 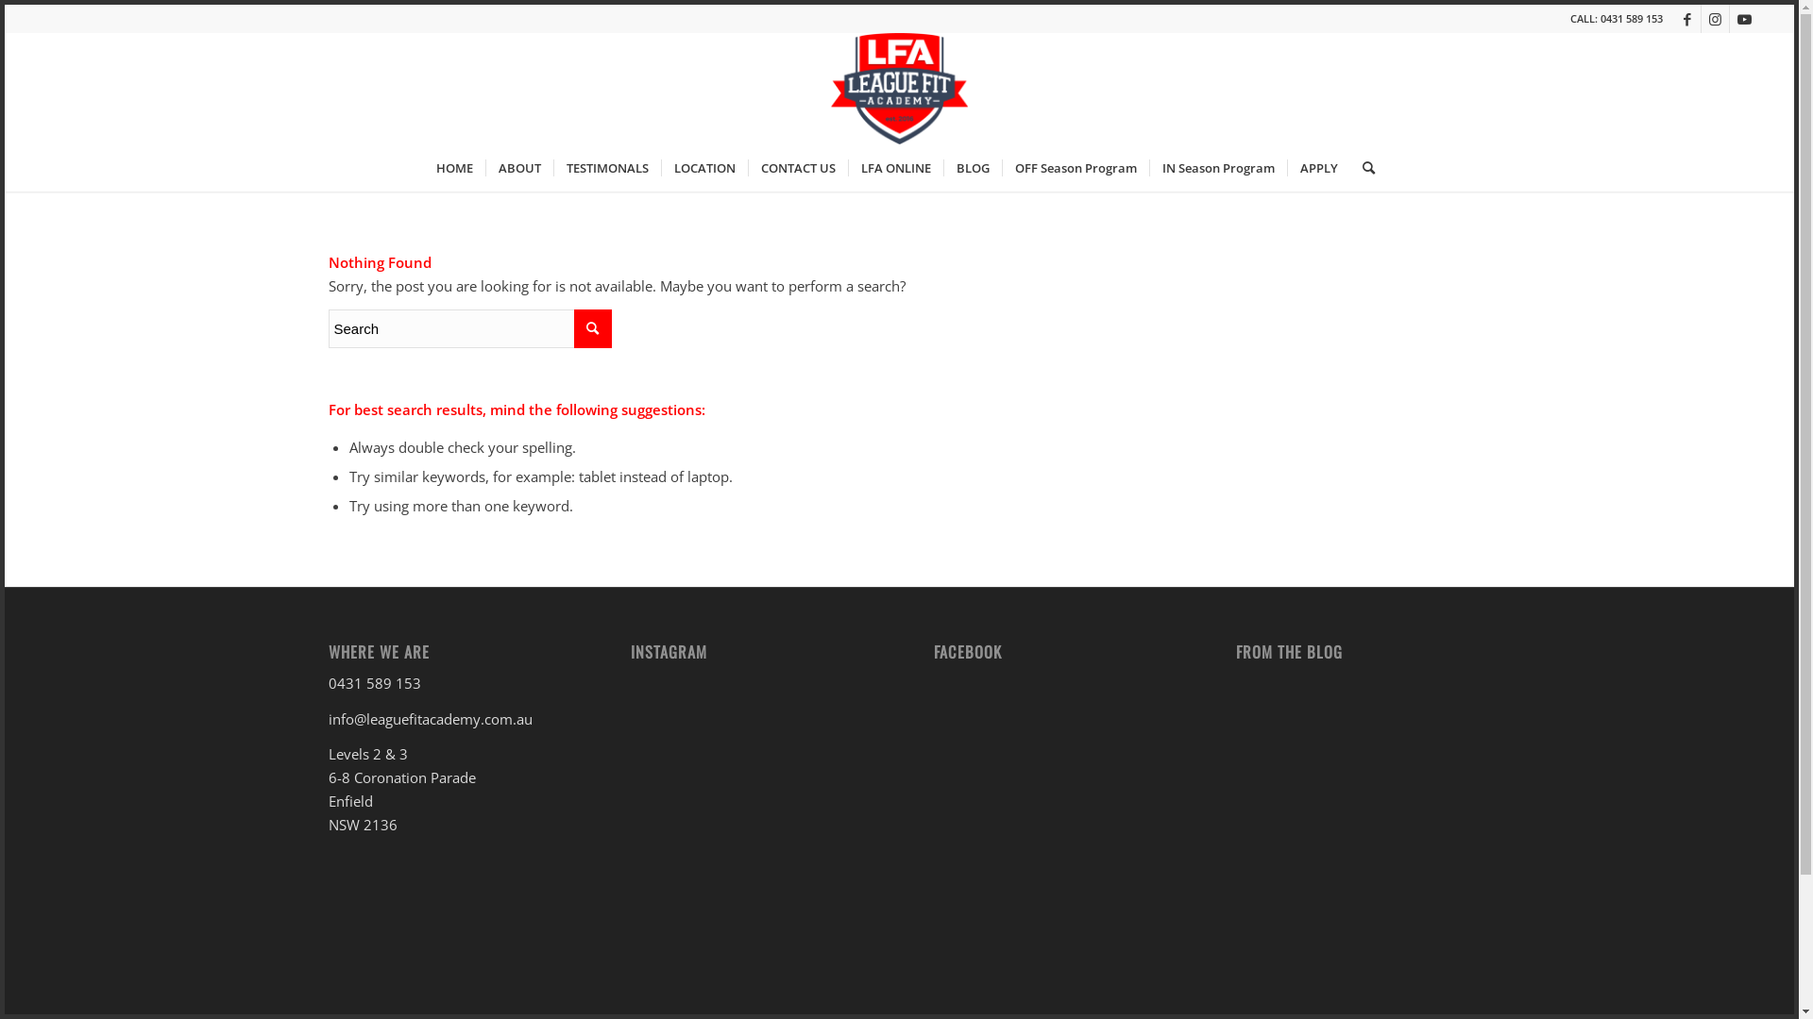 What do you see at coordinates (942, 166) in the screenshot?
I see `'BLOG'` at bounding box center [942, 166].